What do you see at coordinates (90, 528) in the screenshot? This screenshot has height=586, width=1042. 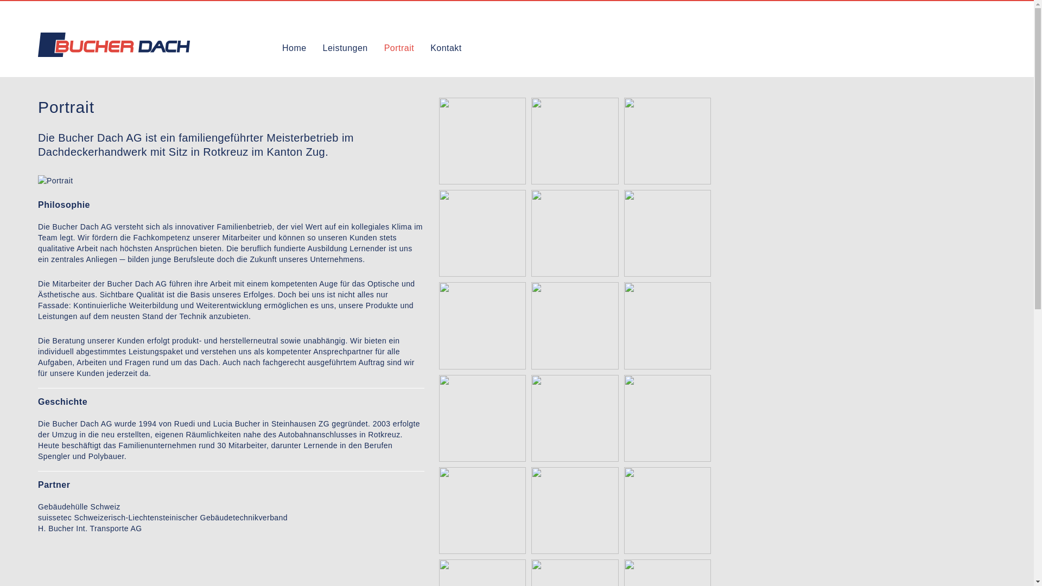 I see `'H. Bucher Int. Transporte AG'` at bounding box center [90, 528].